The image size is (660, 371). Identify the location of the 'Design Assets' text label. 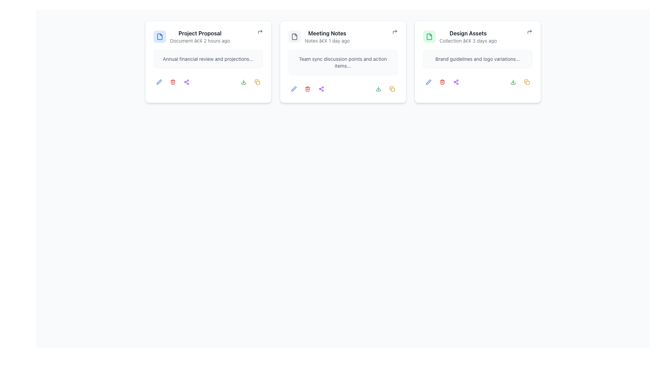
(467, 33).